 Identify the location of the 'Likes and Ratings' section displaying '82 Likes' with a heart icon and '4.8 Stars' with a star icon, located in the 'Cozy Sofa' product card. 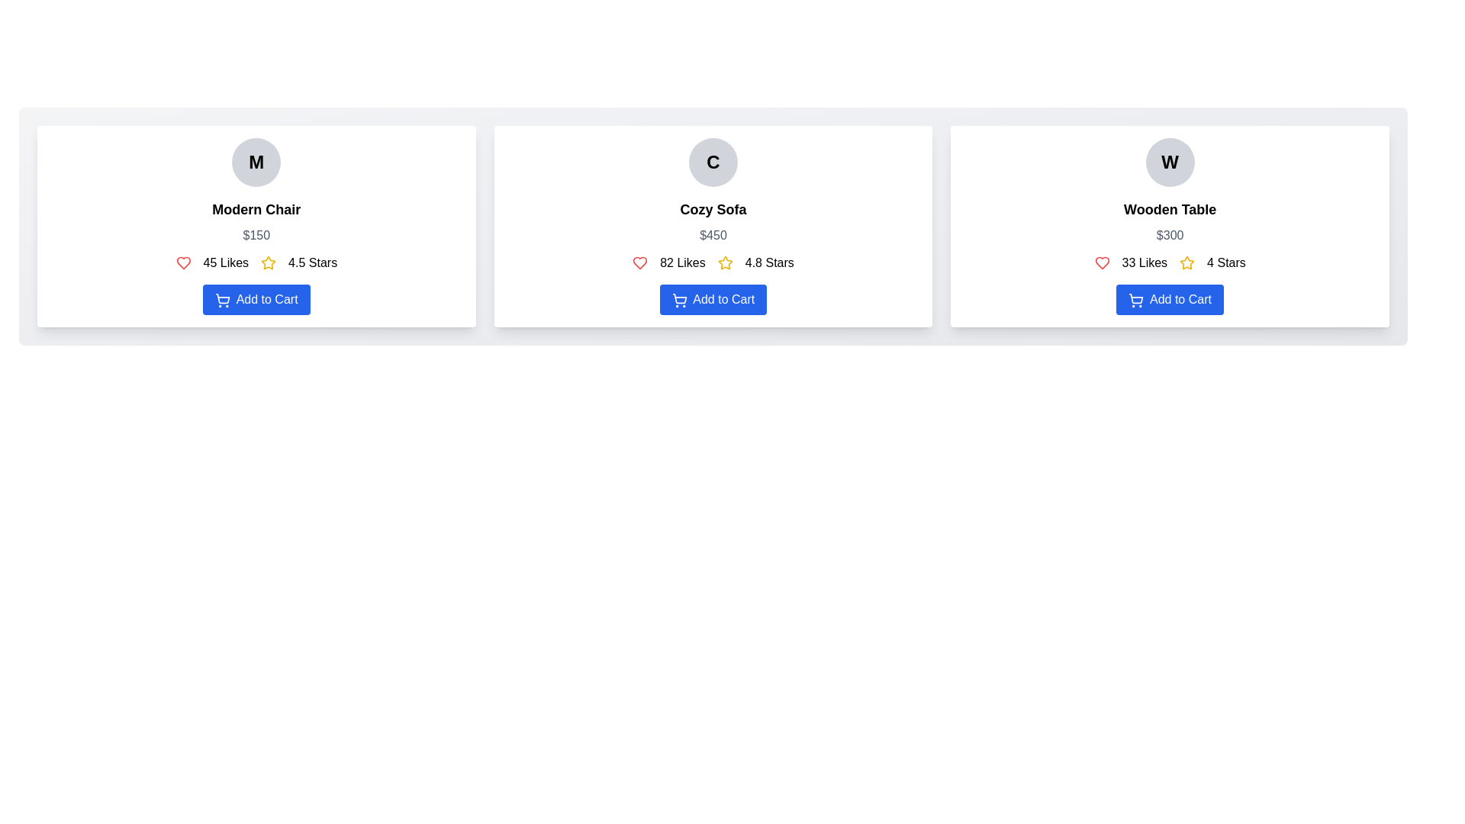
(713, 262).